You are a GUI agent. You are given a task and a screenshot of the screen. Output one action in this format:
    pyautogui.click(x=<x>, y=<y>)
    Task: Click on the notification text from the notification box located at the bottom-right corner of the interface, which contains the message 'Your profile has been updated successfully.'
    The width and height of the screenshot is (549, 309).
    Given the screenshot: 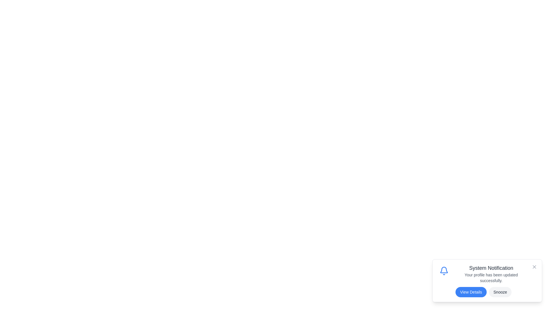 What is the action you would take?
    pyautogui.click(x=487, y=280)
    